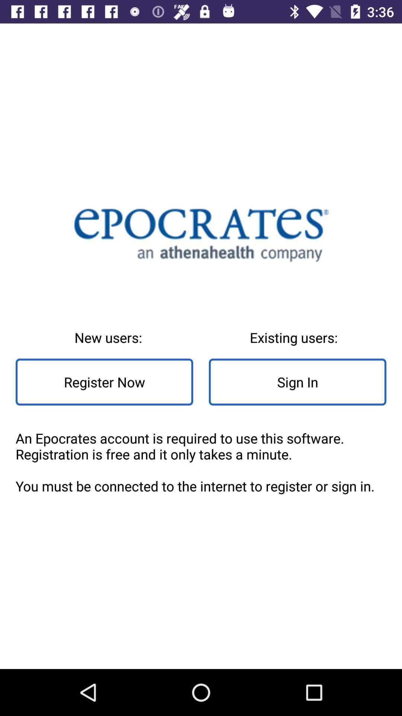 The height and width of the screenshot is (716, 402). I want to click on item to the left of the existing users: icon, so click(104, 382).